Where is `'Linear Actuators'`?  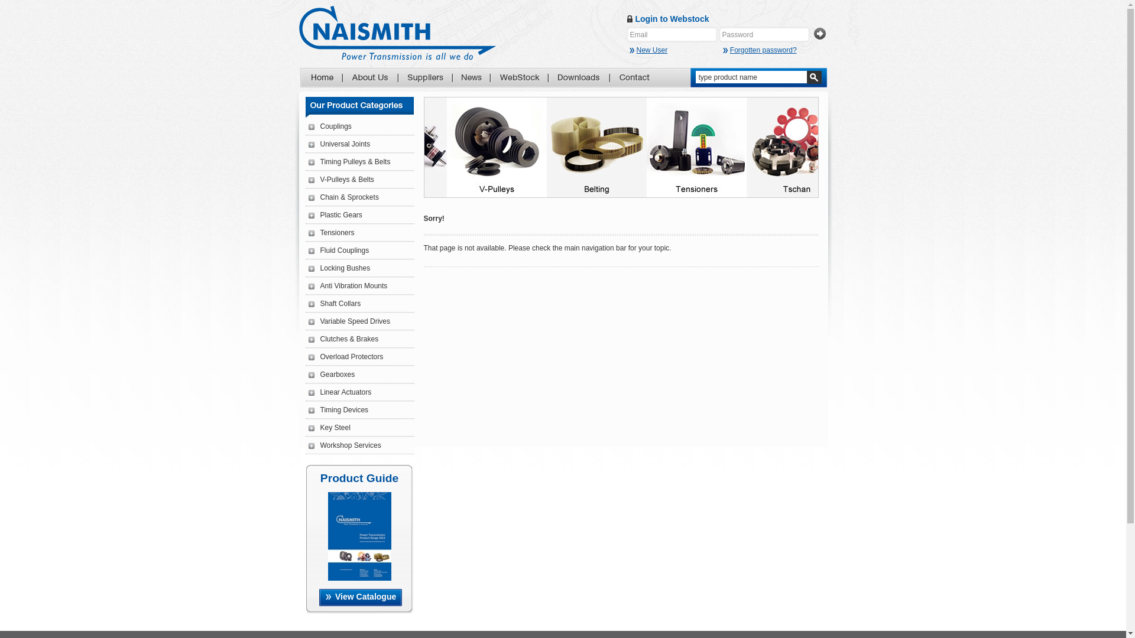
'Linear Actuators' is located at coordinates (339, 392).